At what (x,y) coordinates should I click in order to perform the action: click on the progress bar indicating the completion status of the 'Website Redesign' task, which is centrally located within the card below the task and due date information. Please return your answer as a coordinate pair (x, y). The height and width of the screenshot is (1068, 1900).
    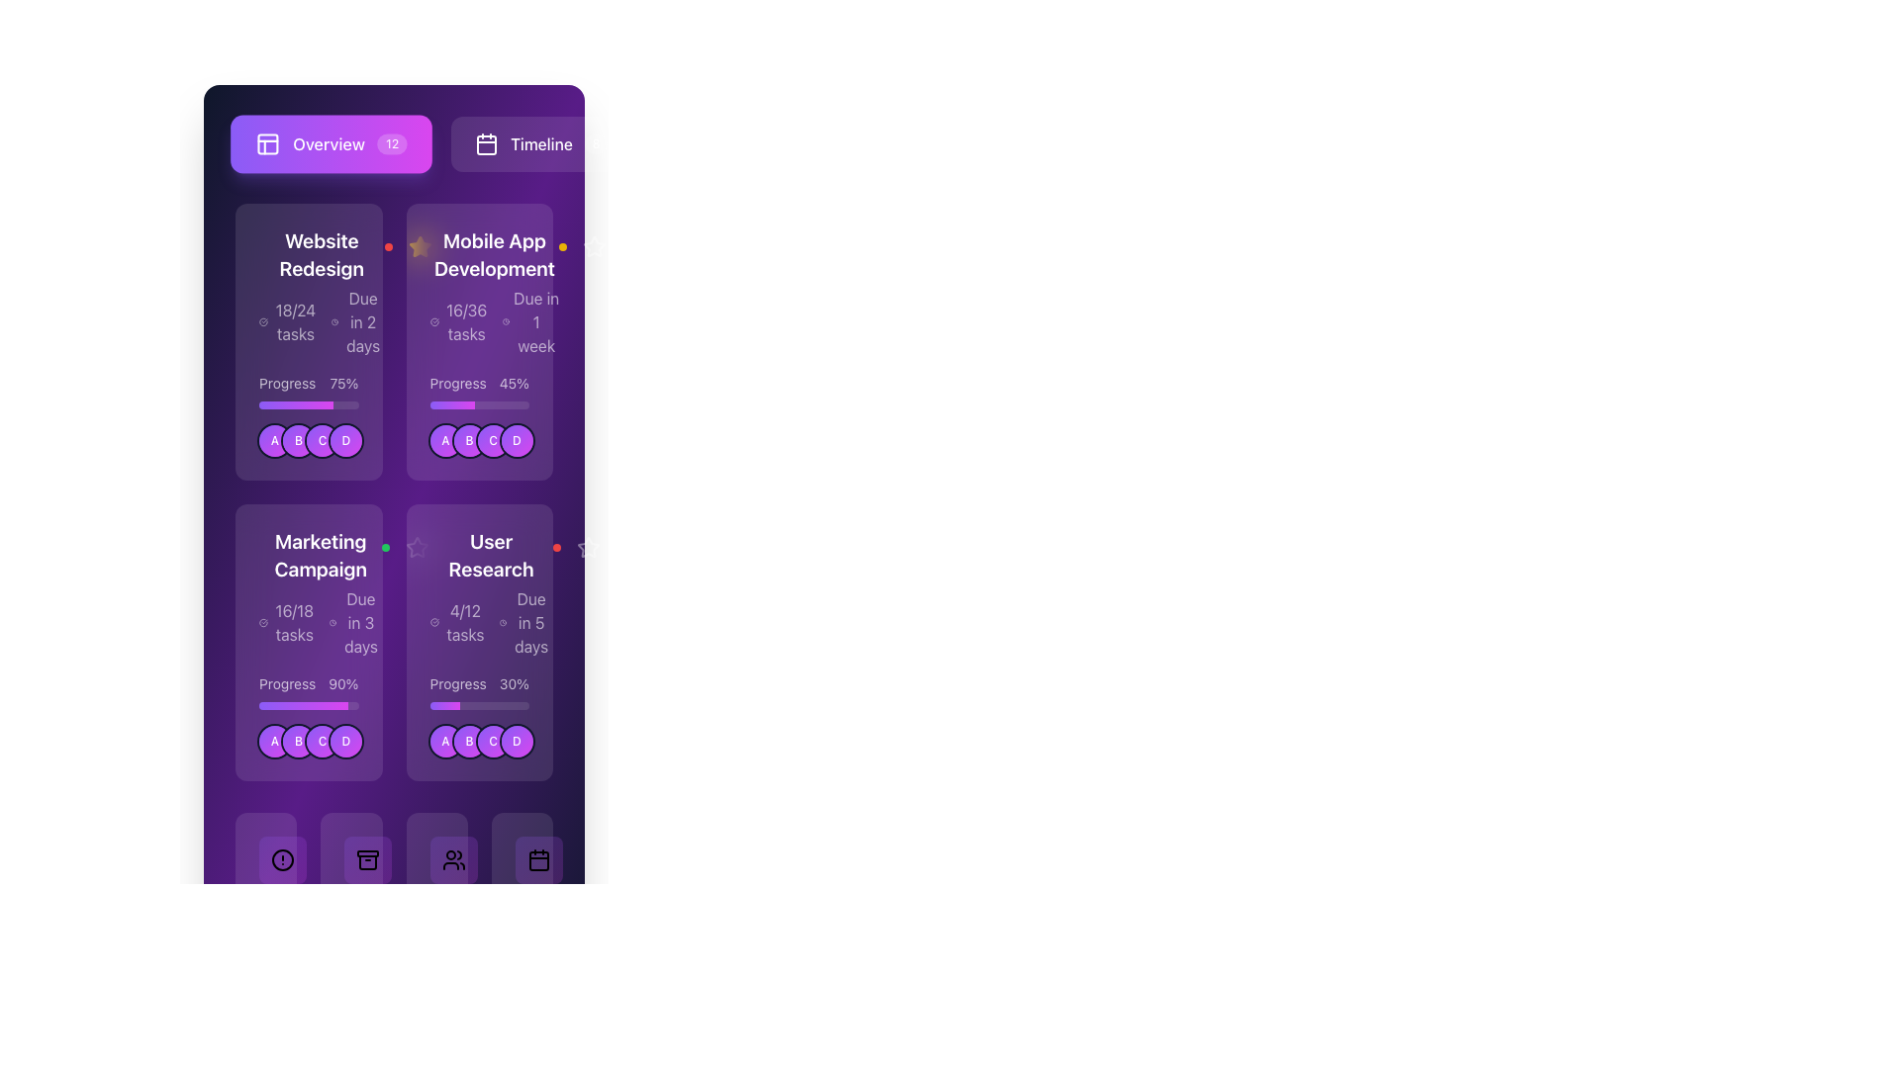
    Looking at the image, I should click on (308, 392).